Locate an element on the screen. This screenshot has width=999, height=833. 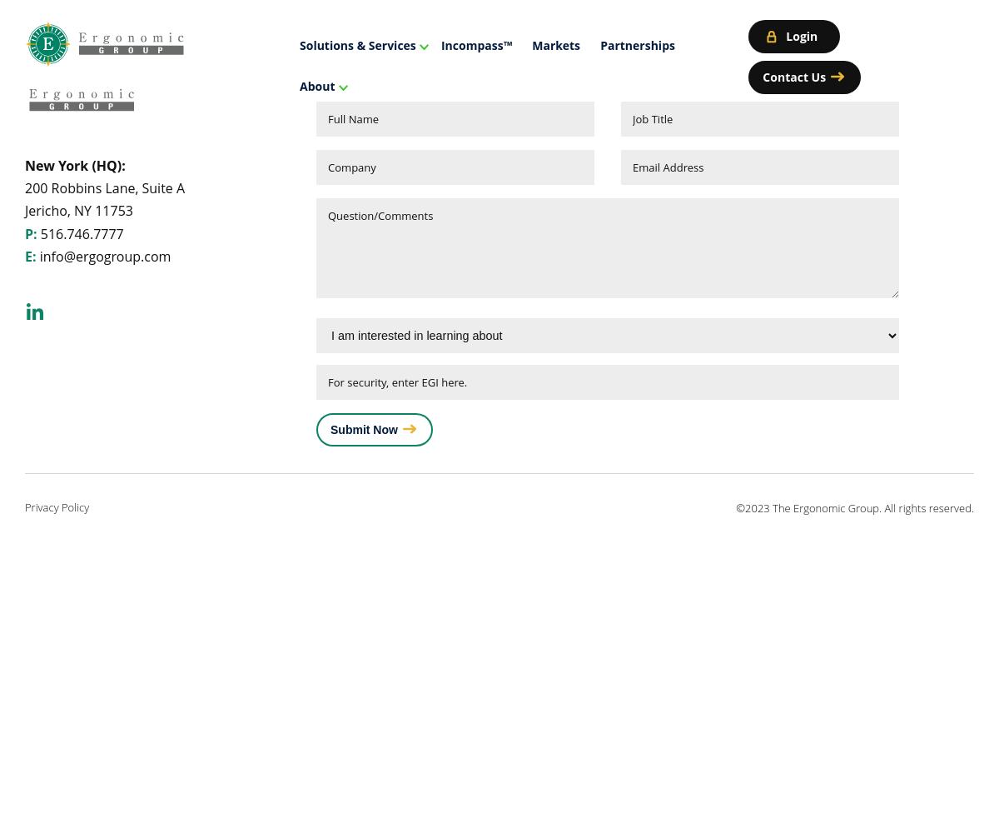
'Login' is located at coordinates (802, 36).